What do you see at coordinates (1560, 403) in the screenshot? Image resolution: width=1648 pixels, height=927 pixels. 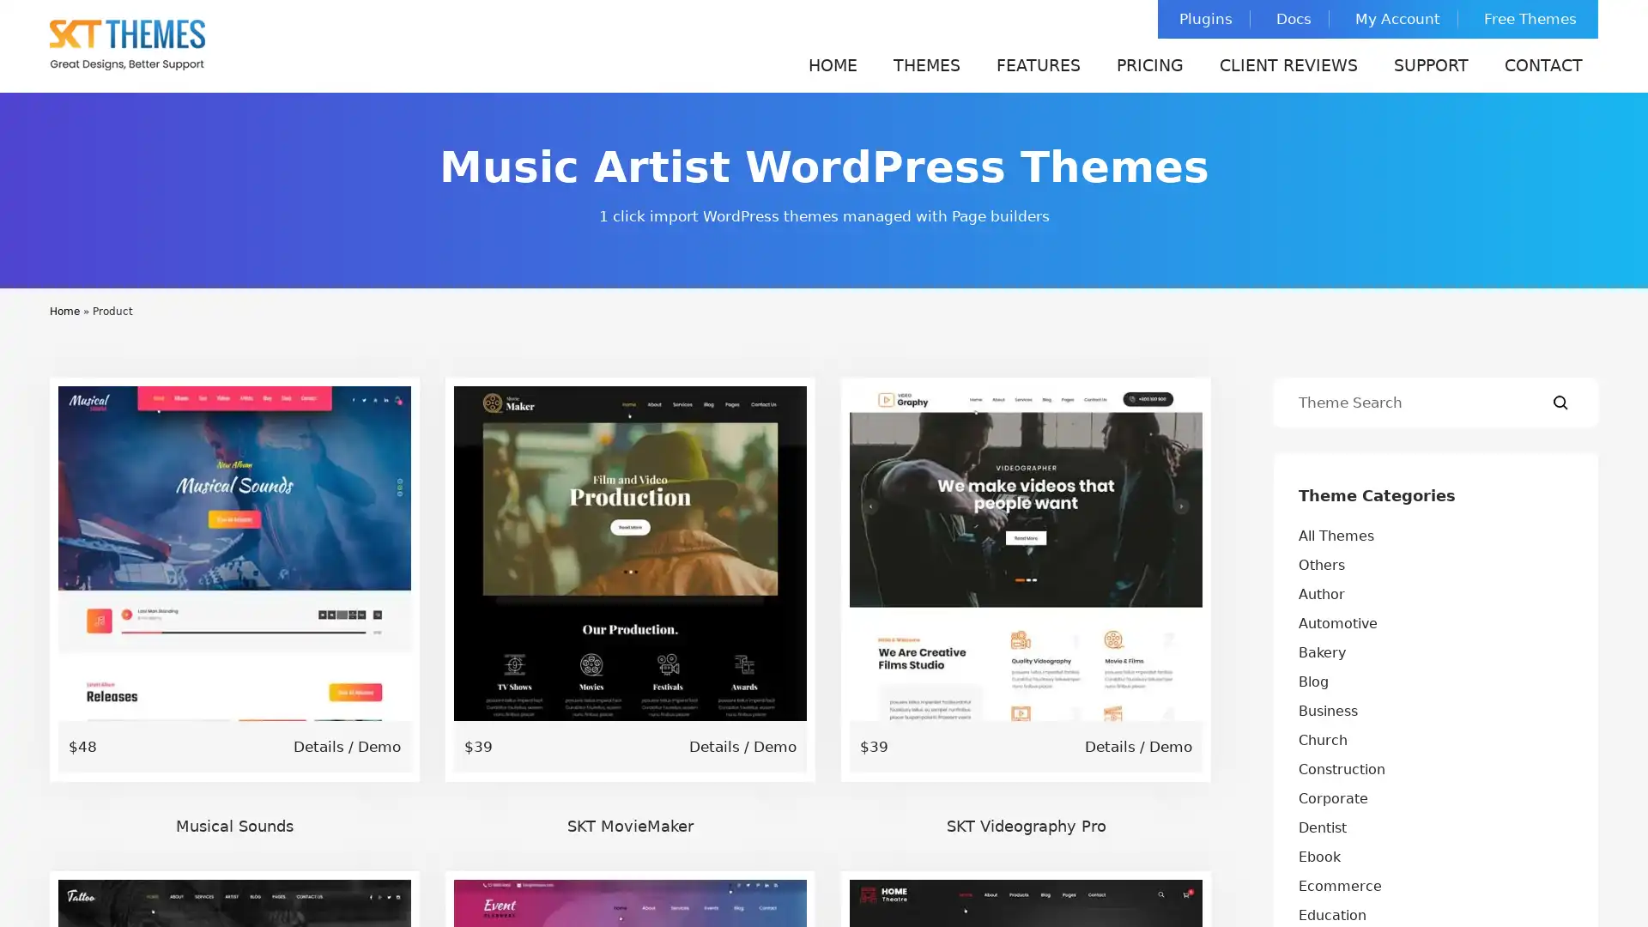 I see `Search` at bounding box center [1560, 403].